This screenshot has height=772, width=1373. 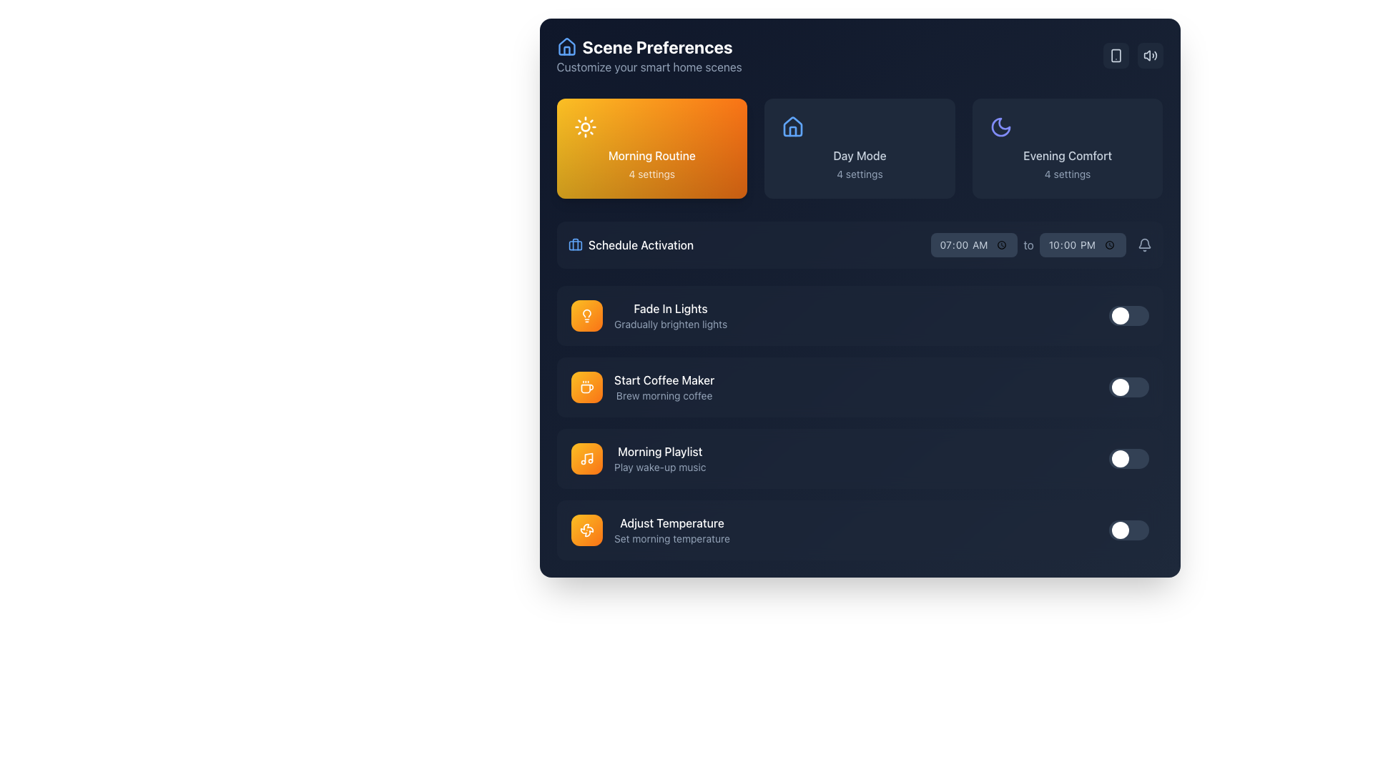 What do you see at coordinates (1144, 244) in the screenshot?
I see `the notification bell icon located at the top-right corner of the time range selector area` at bounding box center [1144, 244].